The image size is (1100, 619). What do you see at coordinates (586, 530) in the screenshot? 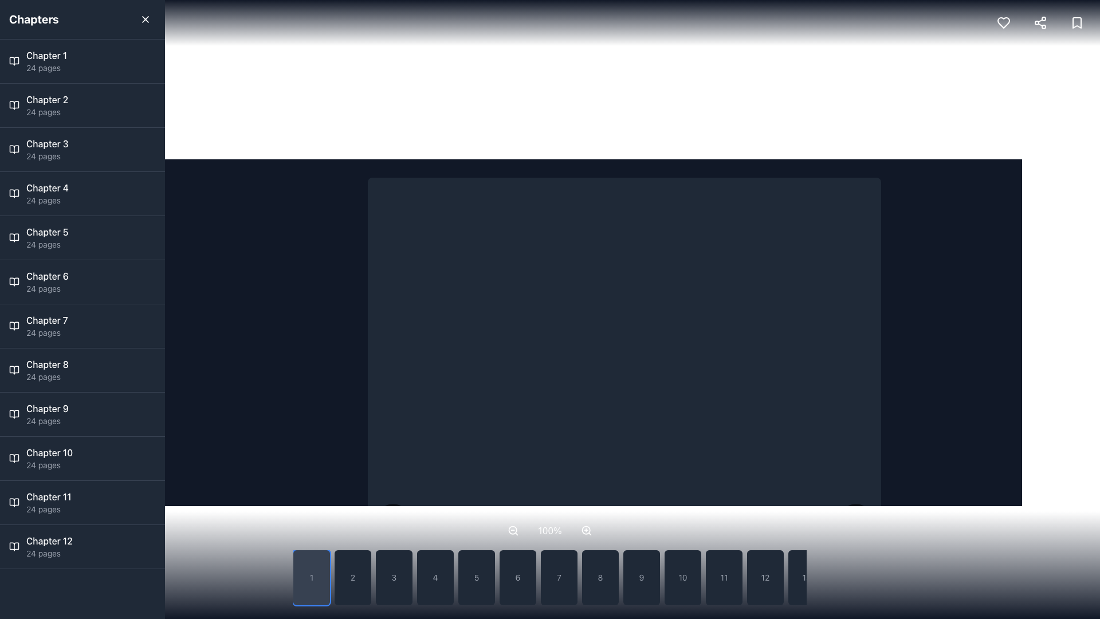
I see `the circular lens of the magnifying glass icon located in the bottom control bar of the interface` at bounding box center [586, 530].